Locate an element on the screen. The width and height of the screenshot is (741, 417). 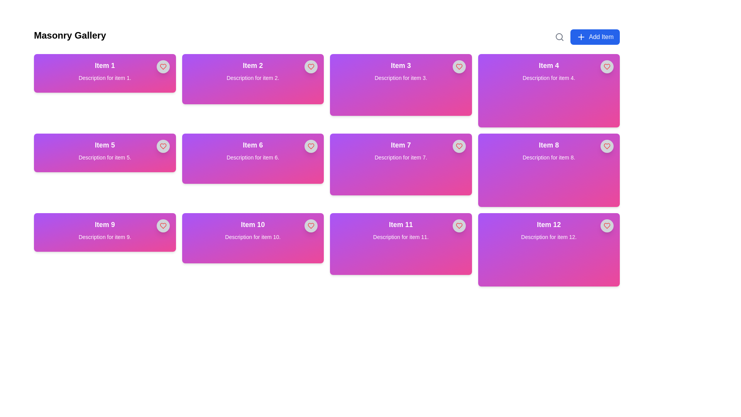
the magnifying glass icon located to the left of the blue 'Add Item' button to initiate a search is located at coordinates (559, 37).